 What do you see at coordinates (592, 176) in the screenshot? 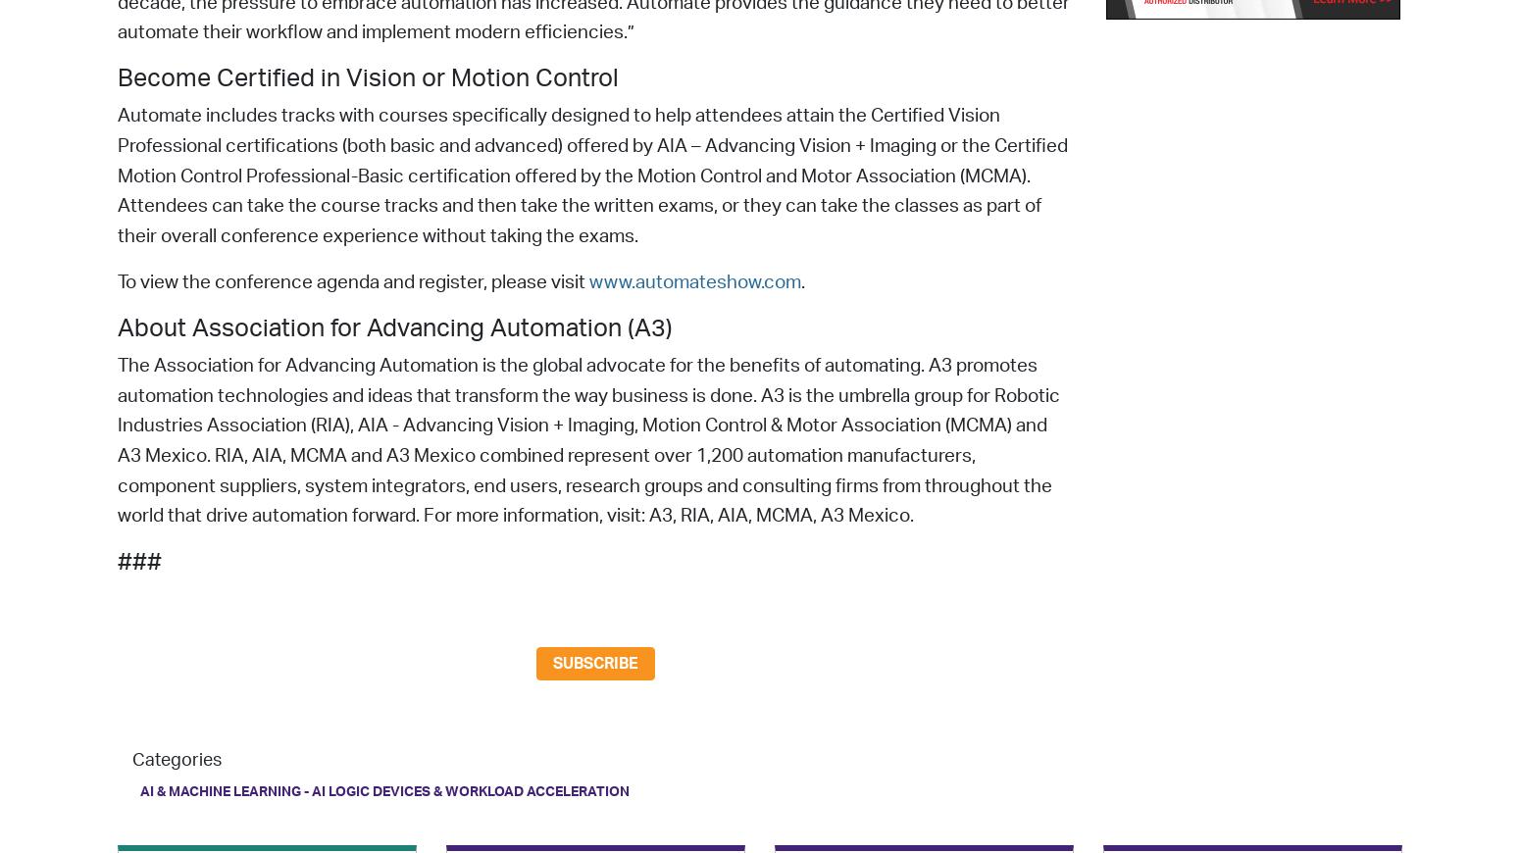
I see `'Automate includes tracks with courses specifically designed to help attendees attain the Certified Vision Professional certifications (both basic and advanced) offered by AIA – Advancing Vision + Imaging or the Certified Motion Control Professional-Basic certification offered by the Motion Control and Motor Association (MCMA). Attendees can take the course tracks and then take the written exams, or they can take the classes as part of their overall conference experience without taking the exams.'` at bounding box center [592, 176].